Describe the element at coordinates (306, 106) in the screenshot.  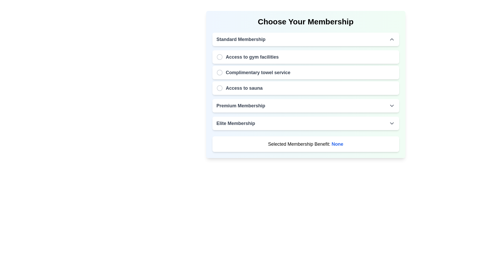
I see `the 'Premium Membership' button-like interactive list item` at that location.